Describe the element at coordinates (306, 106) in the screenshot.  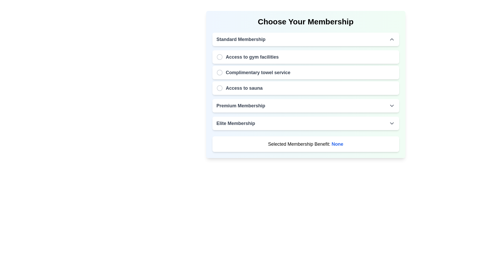
I see `the 'Premium Membership' button-like interactive list item` at that location.